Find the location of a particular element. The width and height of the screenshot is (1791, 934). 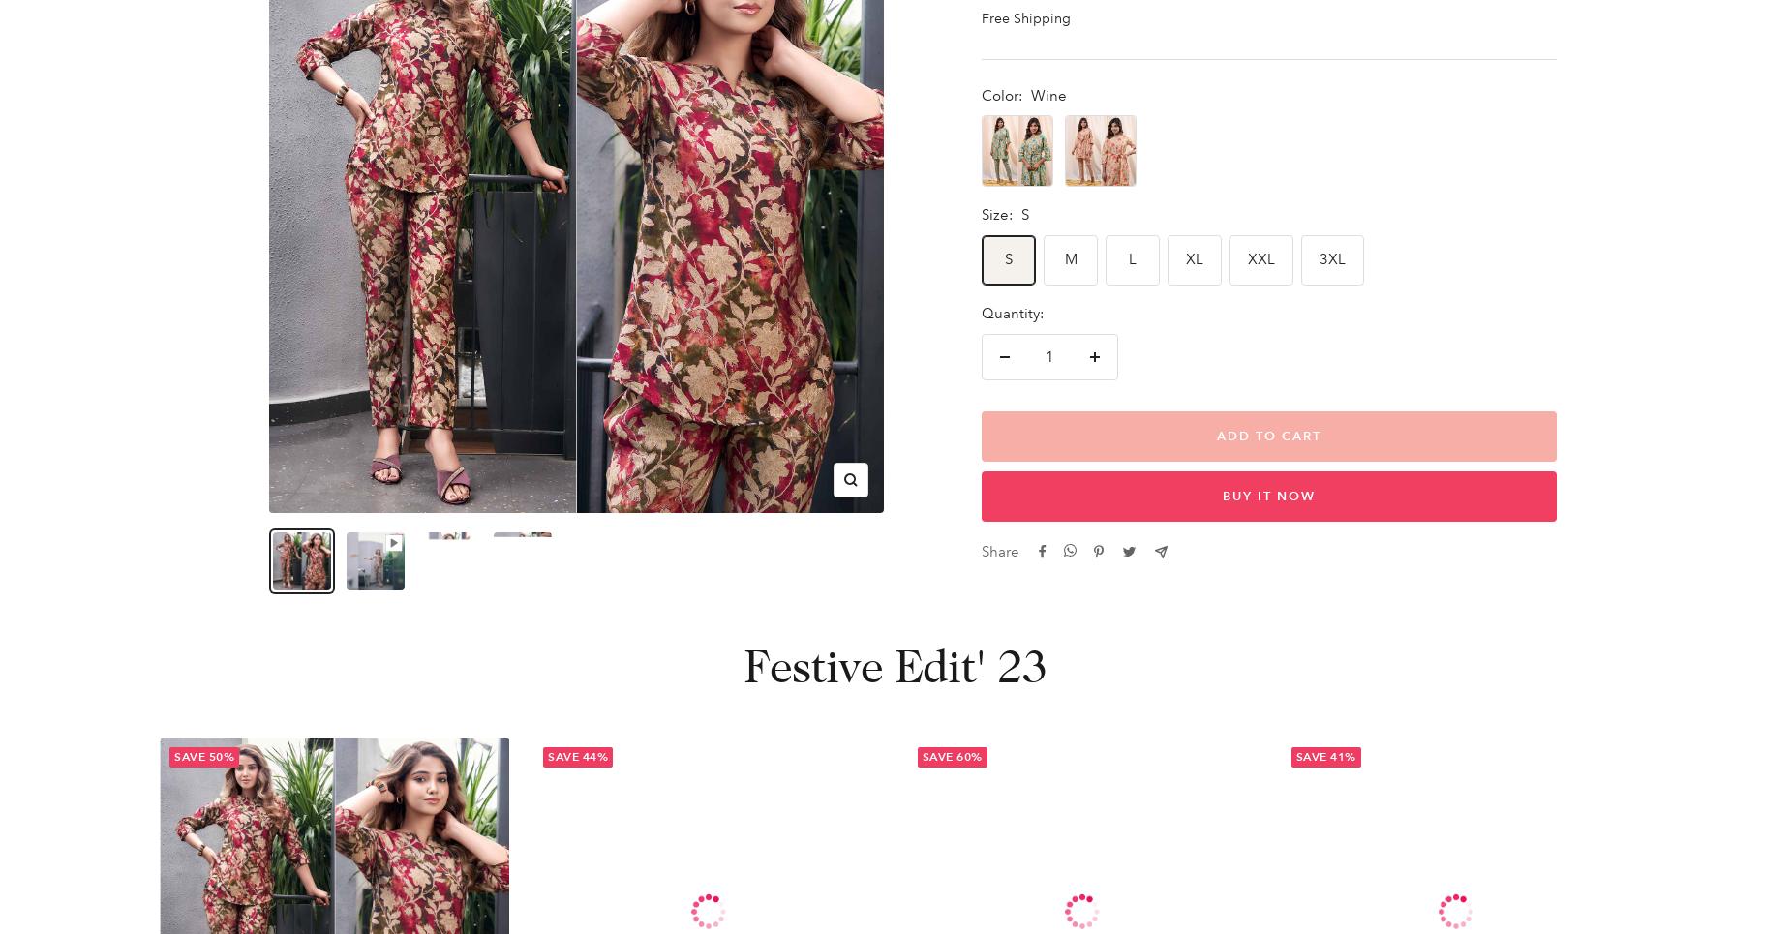

'XXL' is located at coordinates (1247, 258).